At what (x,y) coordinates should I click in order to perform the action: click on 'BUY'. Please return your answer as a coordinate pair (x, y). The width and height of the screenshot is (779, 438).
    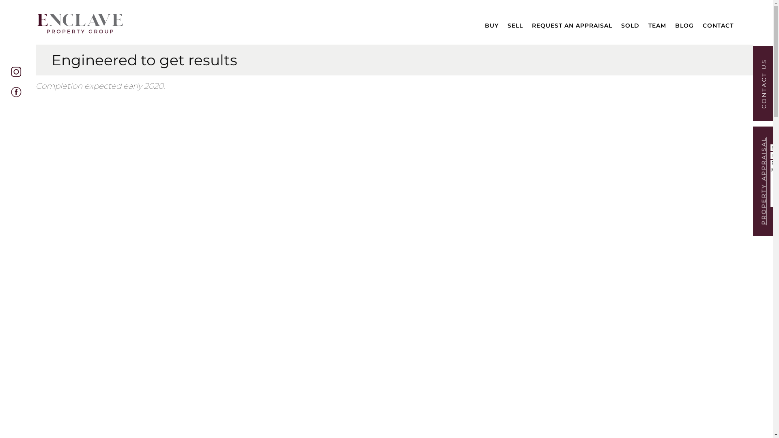
    Looking at the image, I should click on (491, 24).